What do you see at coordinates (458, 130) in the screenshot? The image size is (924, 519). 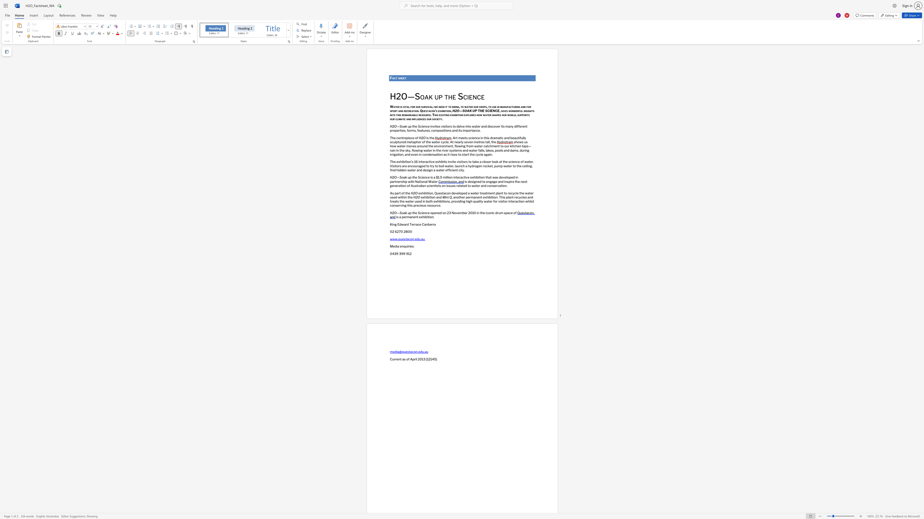 I see `the subset text "its importan" within the text "and its importance."` at bounding box center [458, 130].